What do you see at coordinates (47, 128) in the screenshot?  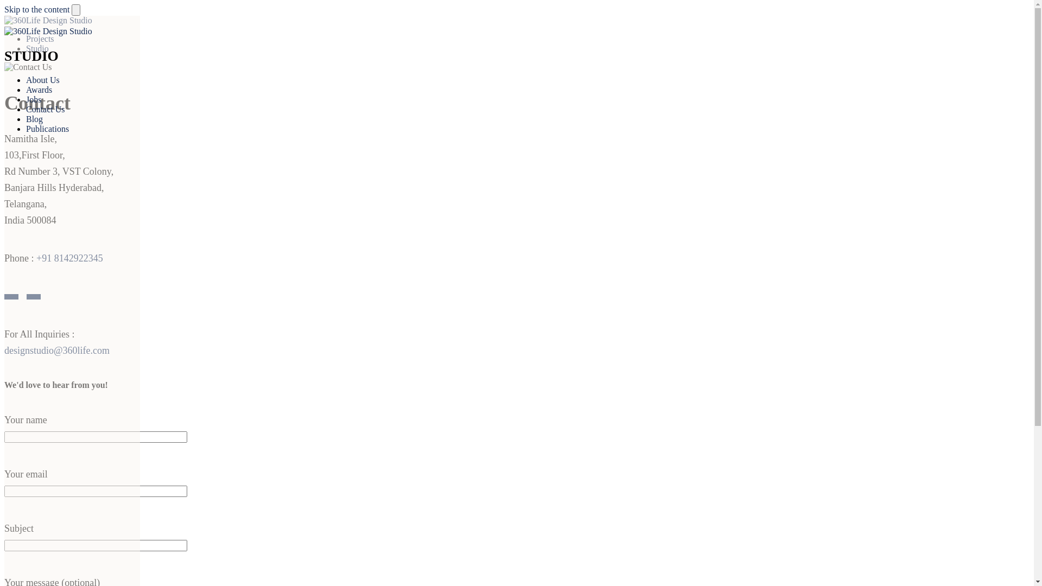 I see `'Publications'` at bounding box center [47, 128].